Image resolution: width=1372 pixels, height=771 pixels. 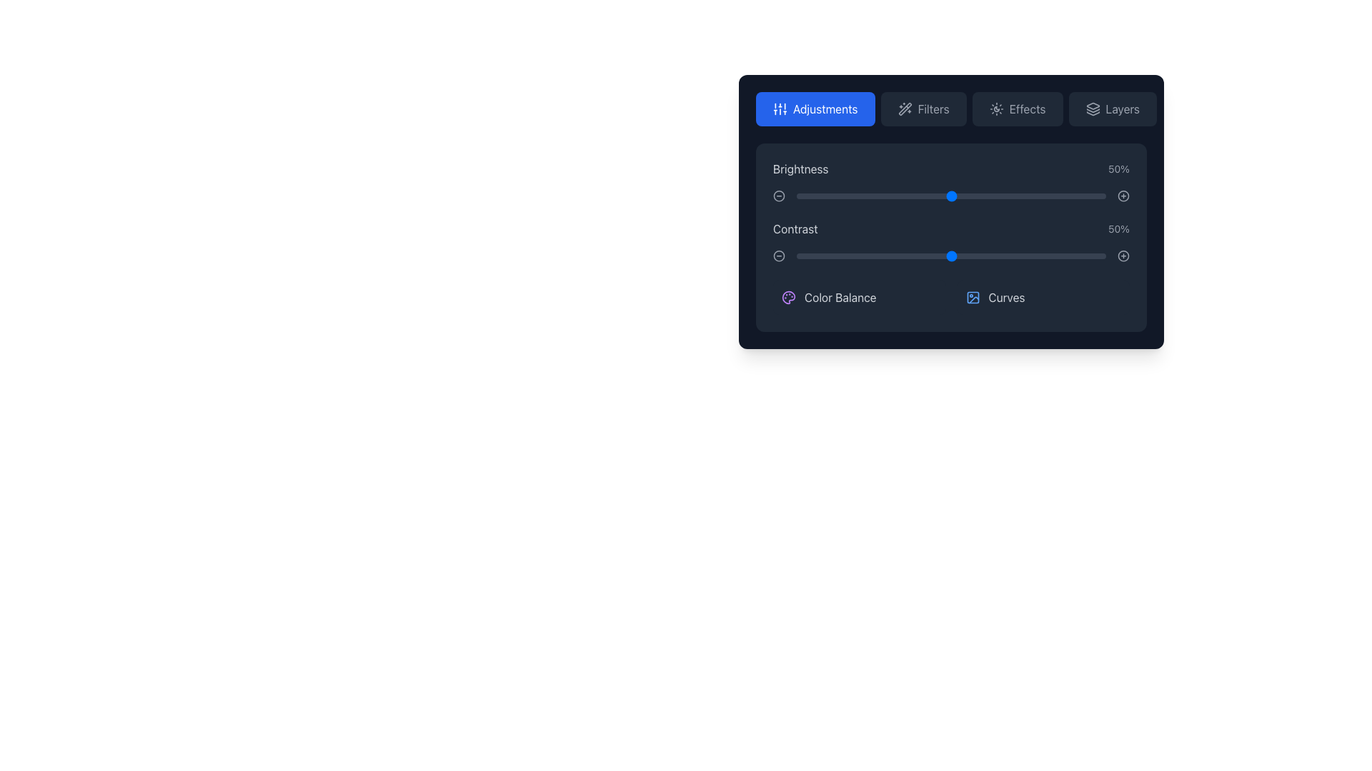 What do you see at coordinates (891, 196) in the screenshot?
I see `brightness` at bounding box center [891, 196].